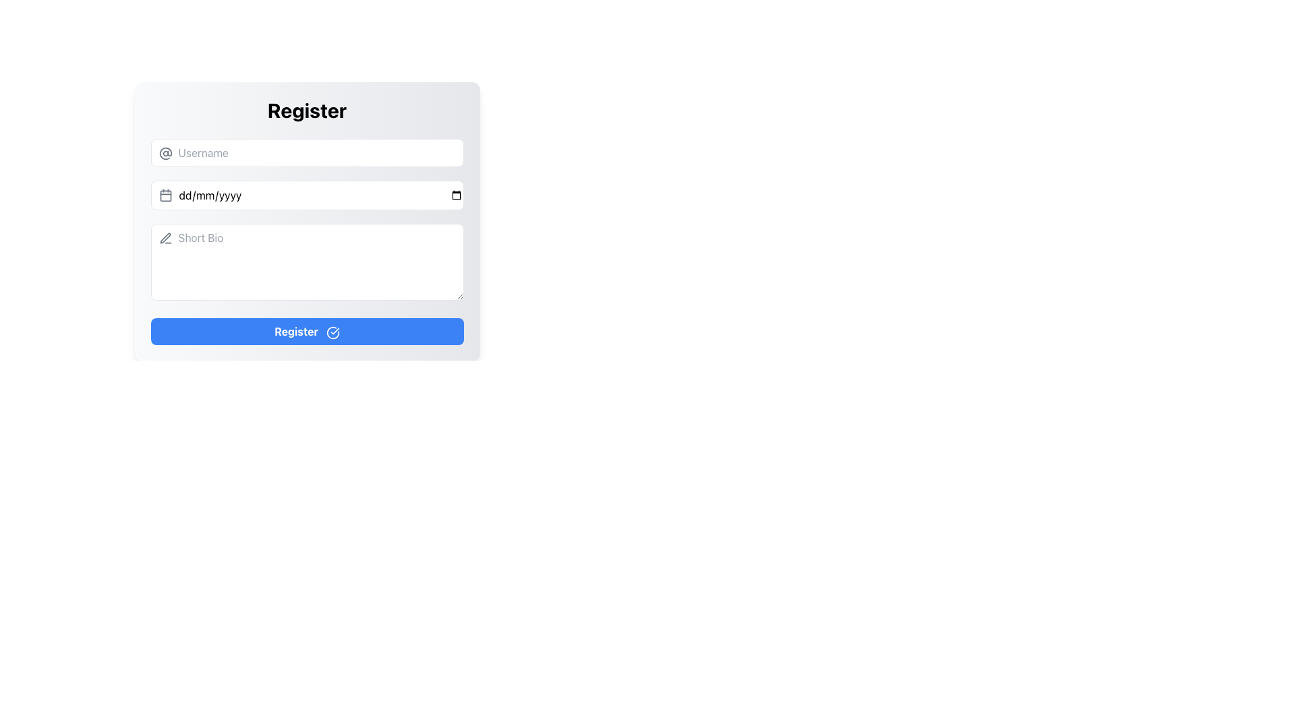  I want to click on the decorative icon located at the top-left corner inside the 'Username' input field, which symbolizes email or username entry, so click(165, 152).